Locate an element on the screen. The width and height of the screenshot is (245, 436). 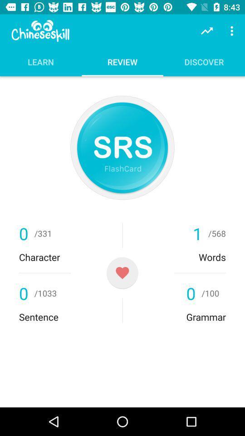
repeat system is located at coordinates (122, 148).